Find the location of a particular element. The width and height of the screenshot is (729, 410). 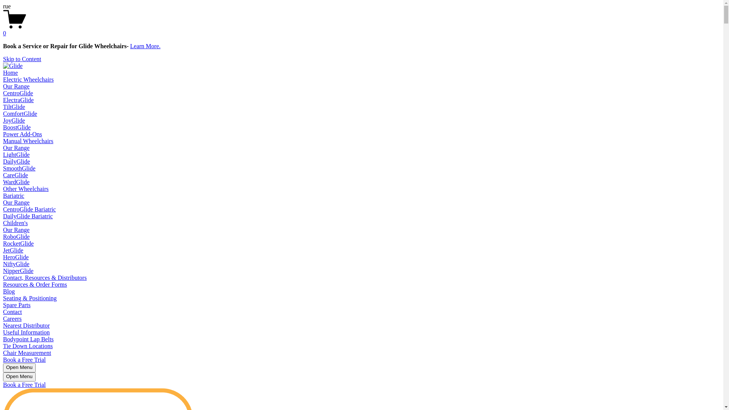

'Spare Parts' is located at coordinates (16, 304).